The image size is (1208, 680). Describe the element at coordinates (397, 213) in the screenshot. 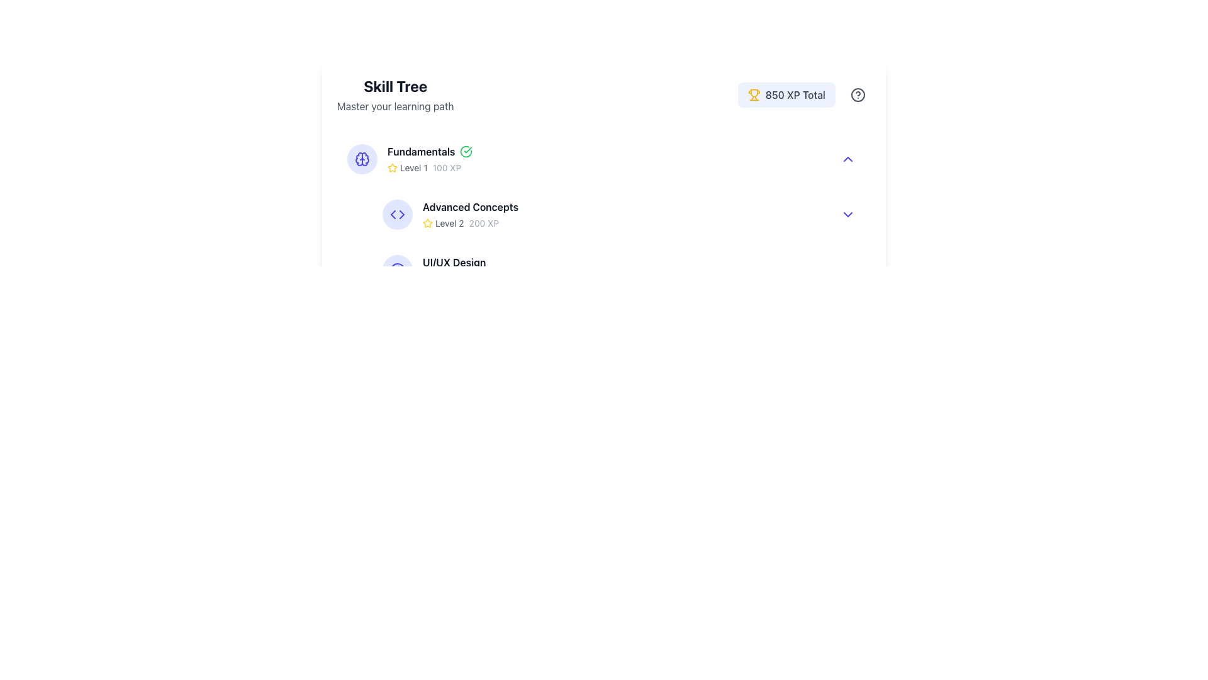

I see `the icon representing the 'Advanced Concepts' section, located to the left of the text 'Advanced Concepts' and 'Level 2 200 XP'` at that location.